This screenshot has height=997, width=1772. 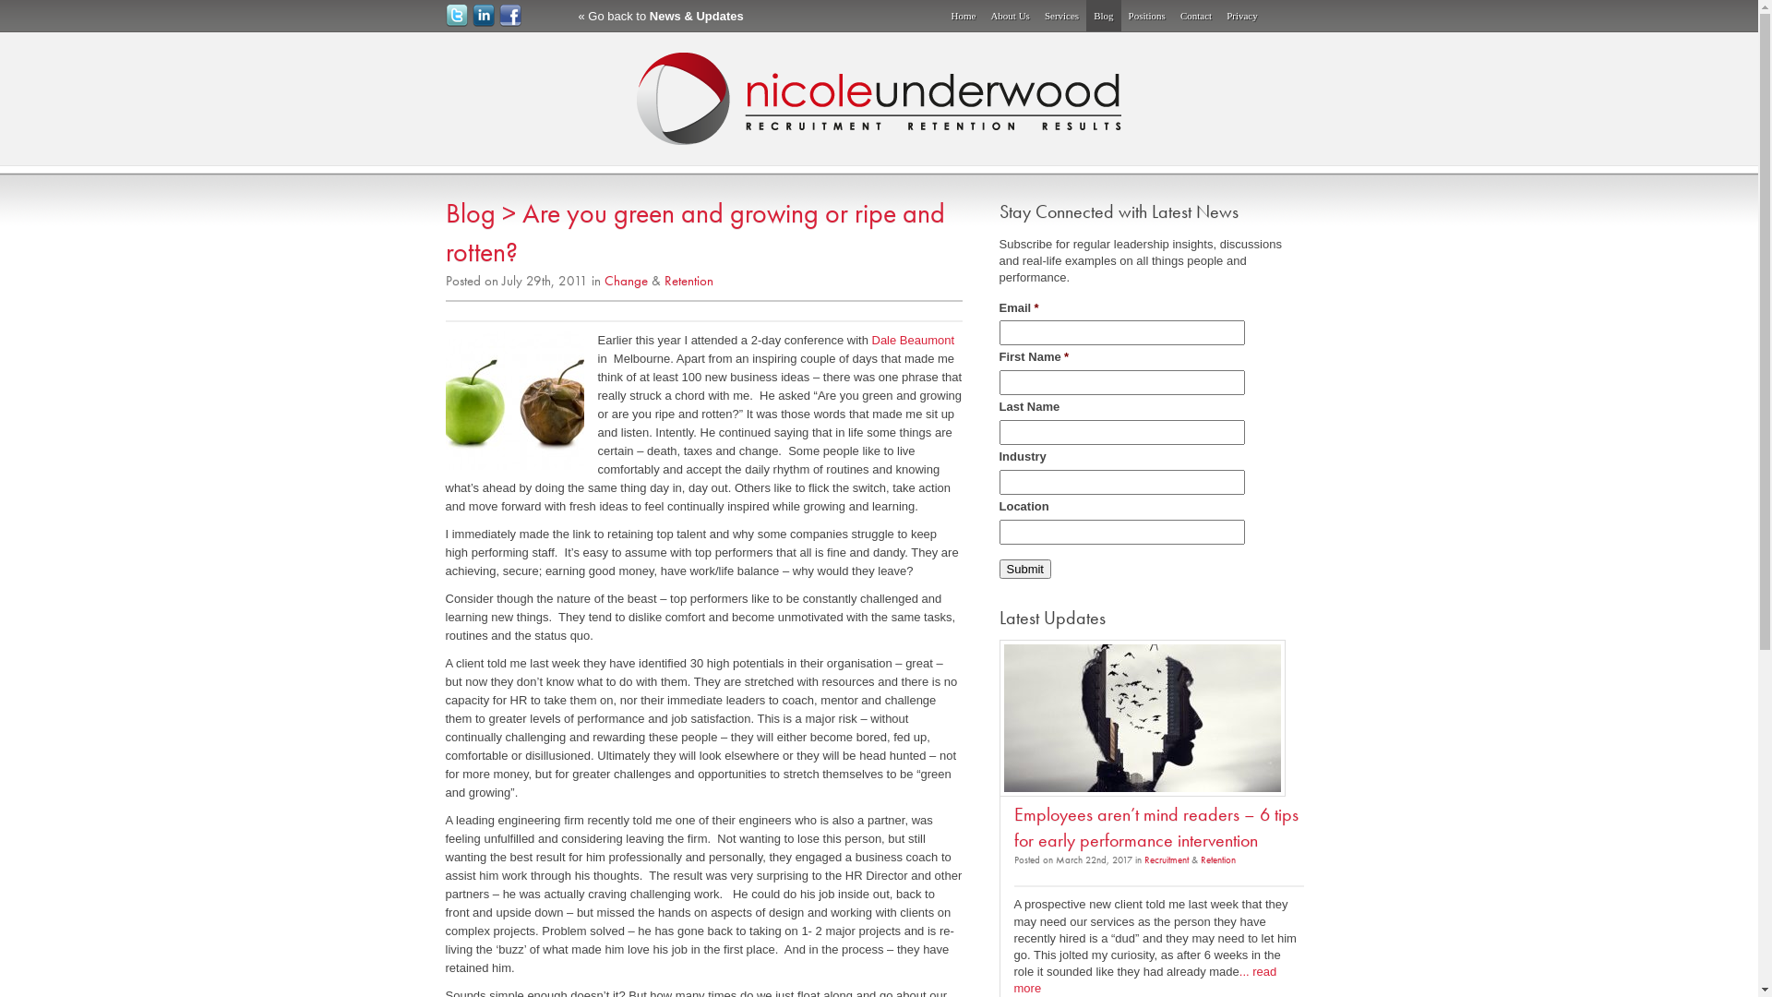 I want to click on 'About Us', so click(x=982, y=15).